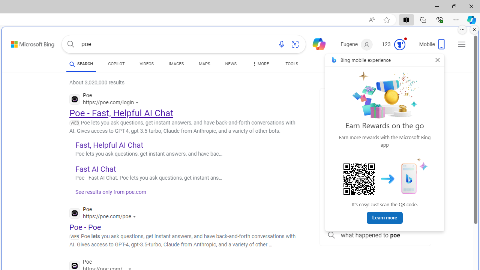 The image size is (480, 270). Describe the element at coordinates (176, 64) in the screenshot. I see `'IMAGES'` at that location.